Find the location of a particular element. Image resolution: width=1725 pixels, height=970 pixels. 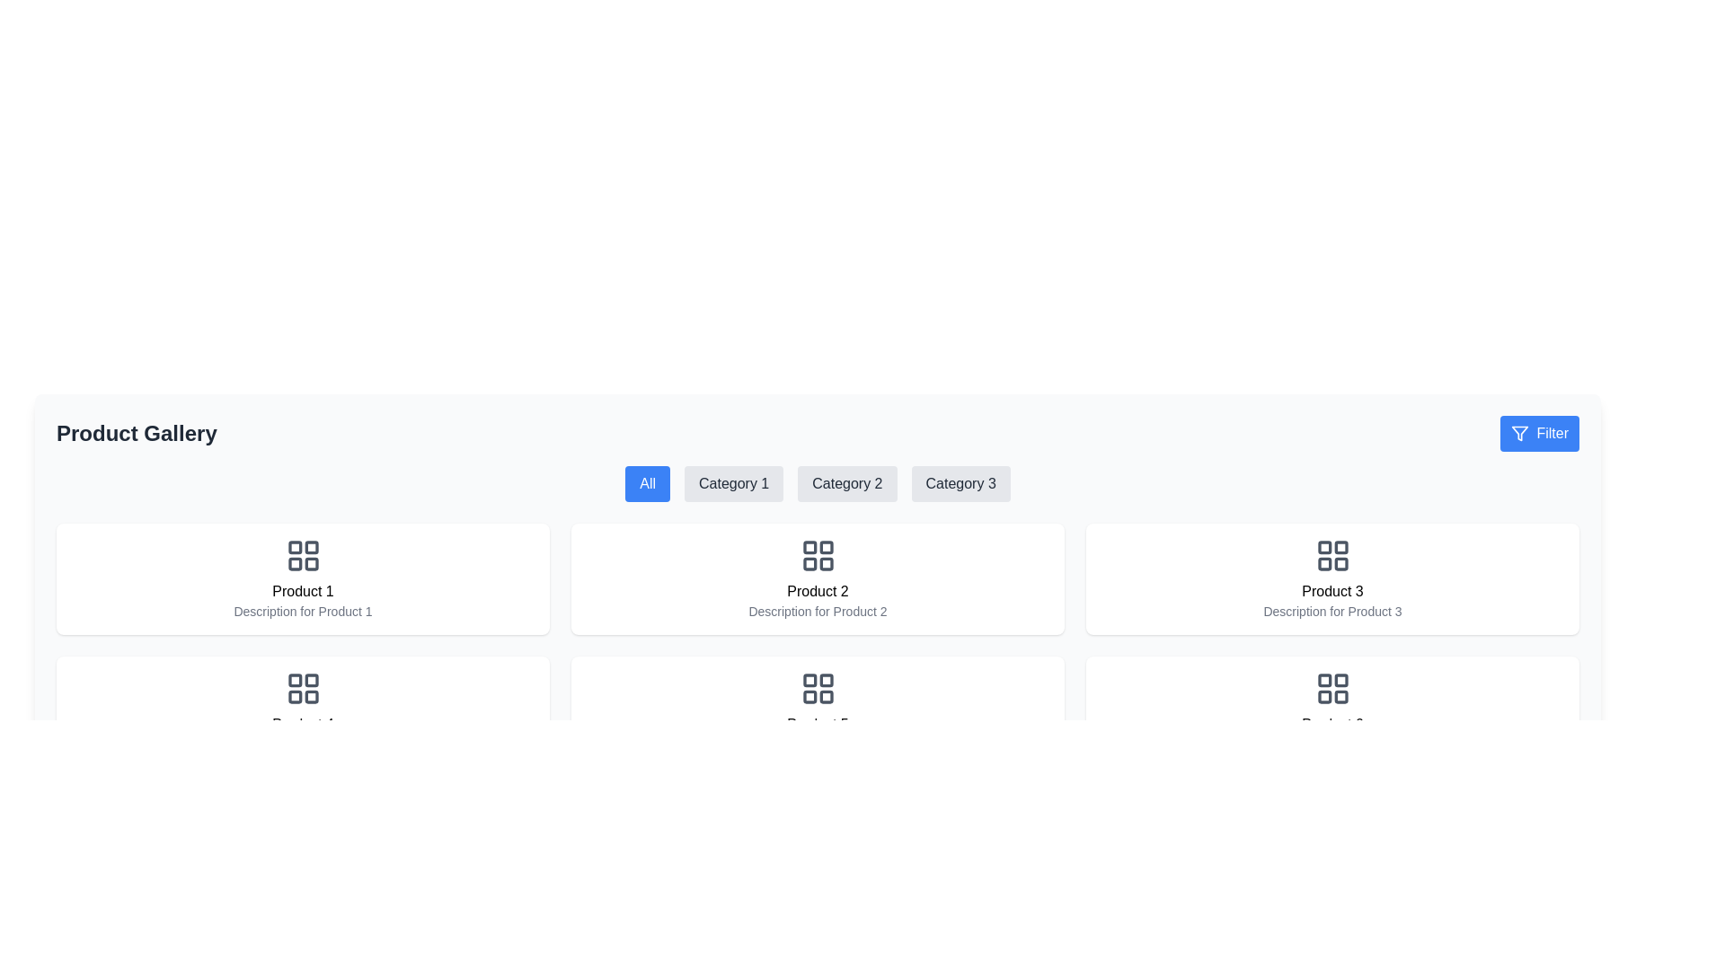

the filter icon located near the top-right corner of the interface, to the left of the word 'Filter', which is part of the interactive filter button is located at coordinates (1519, 433).